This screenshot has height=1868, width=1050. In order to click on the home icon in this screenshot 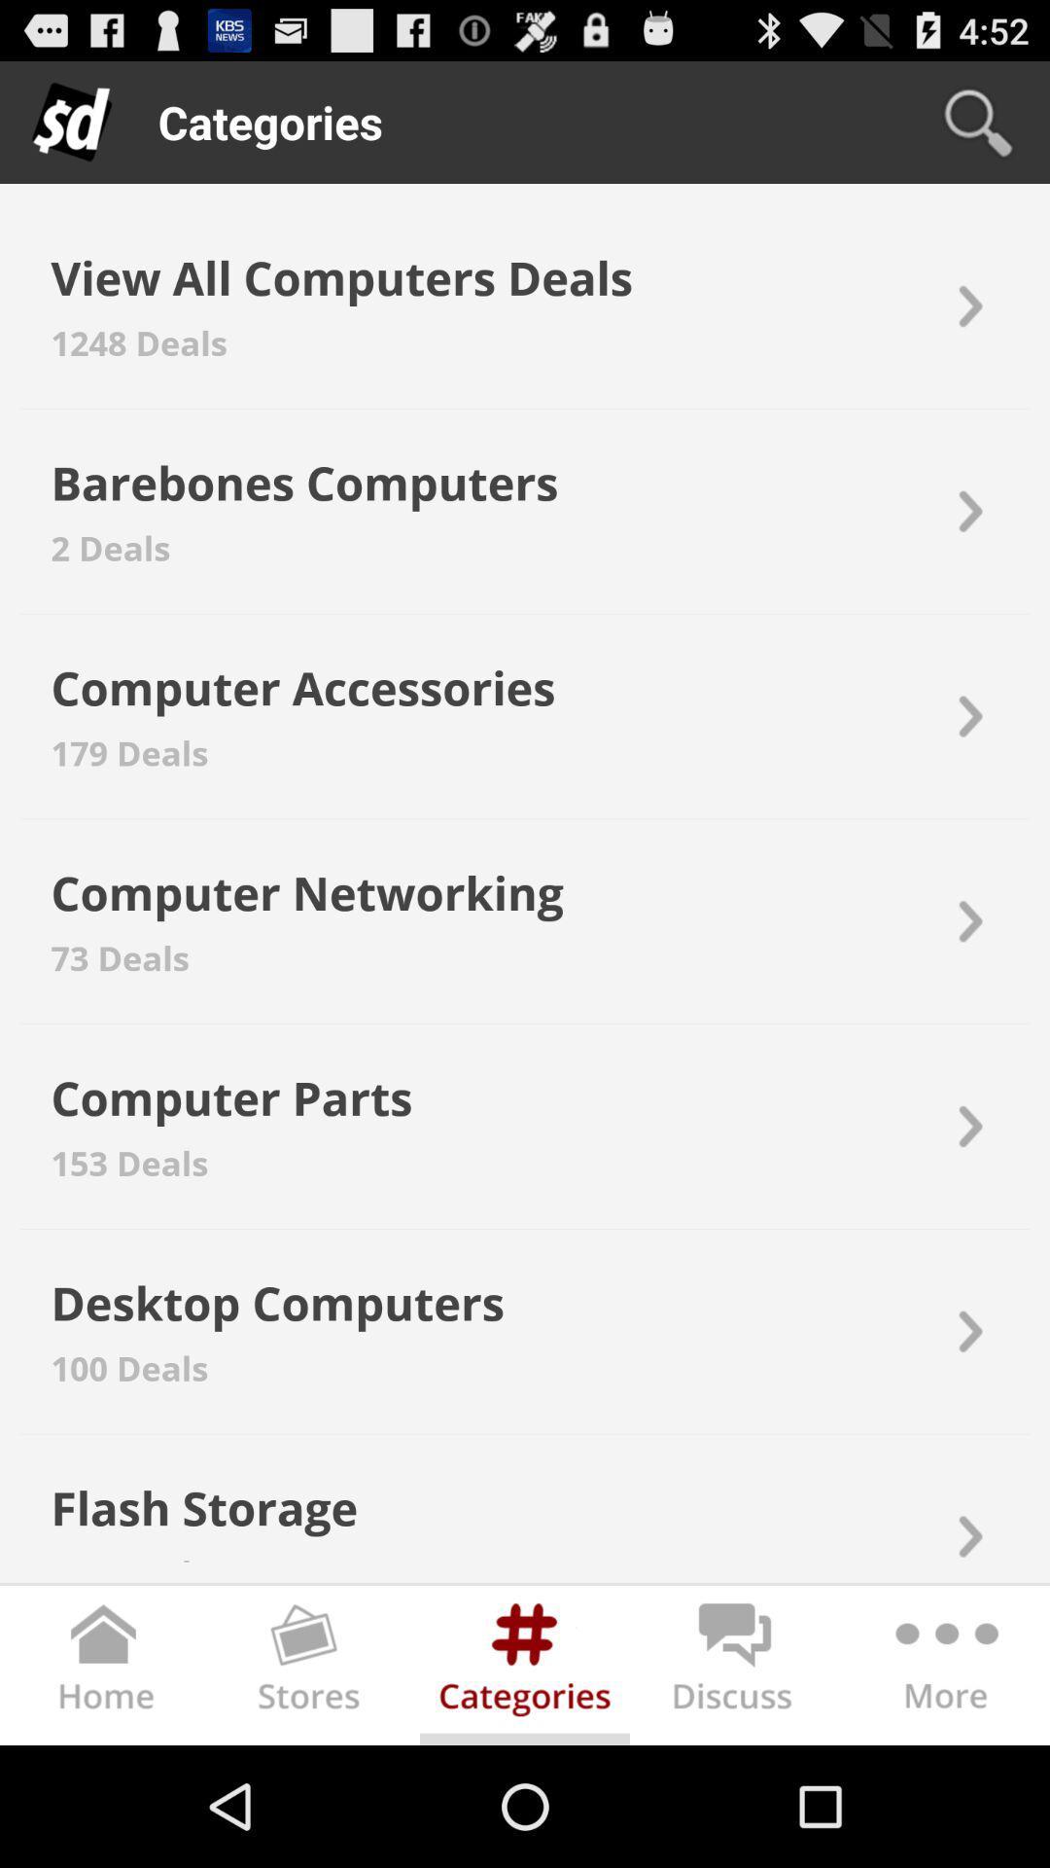, I will do `click(105, 1786)`.